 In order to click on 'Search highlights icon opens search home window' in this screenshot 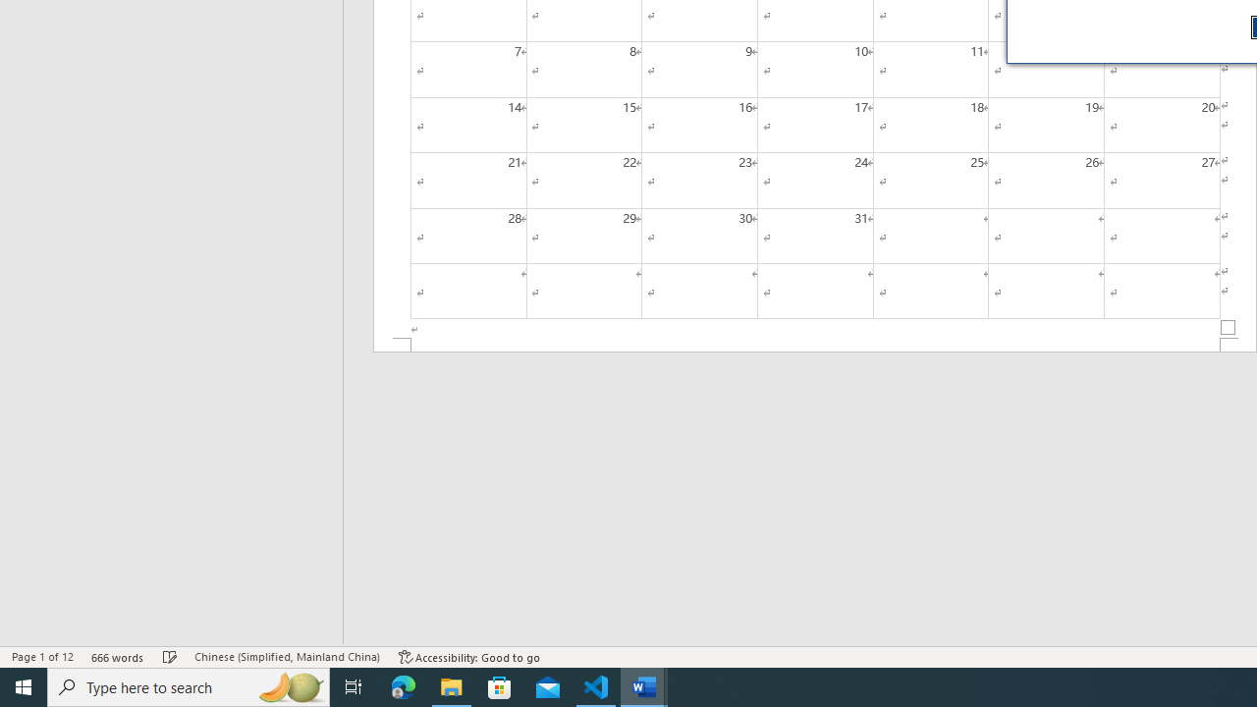, I will do `click(289, 685)`.